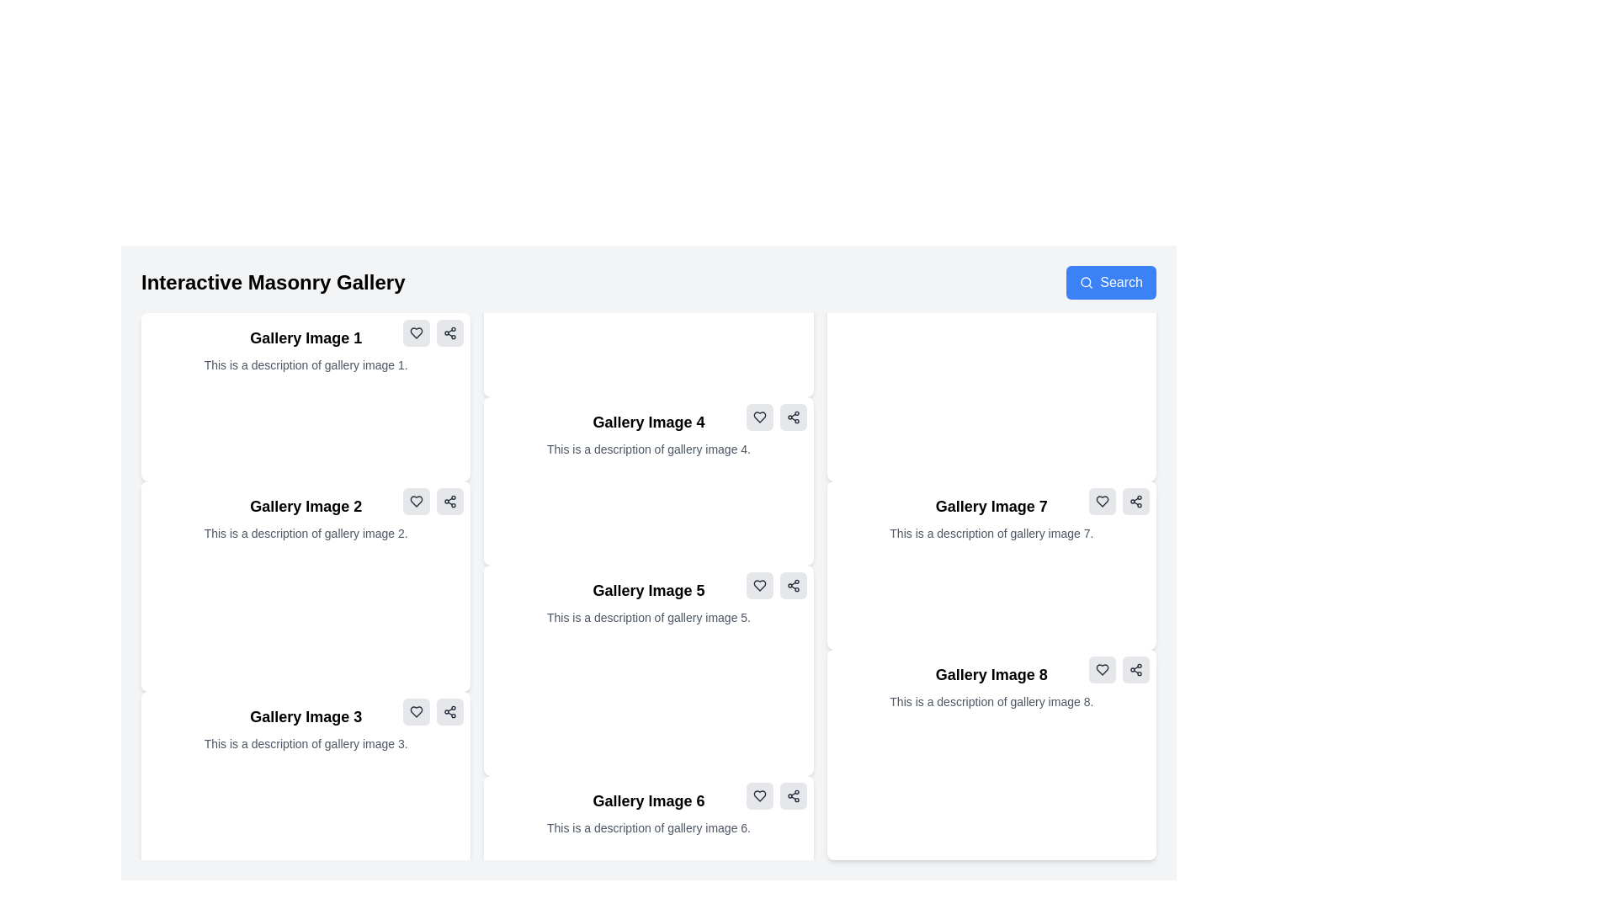  Describe the element at coordinates (1103, 501) in the screenshot. I see `the heart-shaped icon button located at the top-right corner of the 'Gallery Image 7' card` at that location.